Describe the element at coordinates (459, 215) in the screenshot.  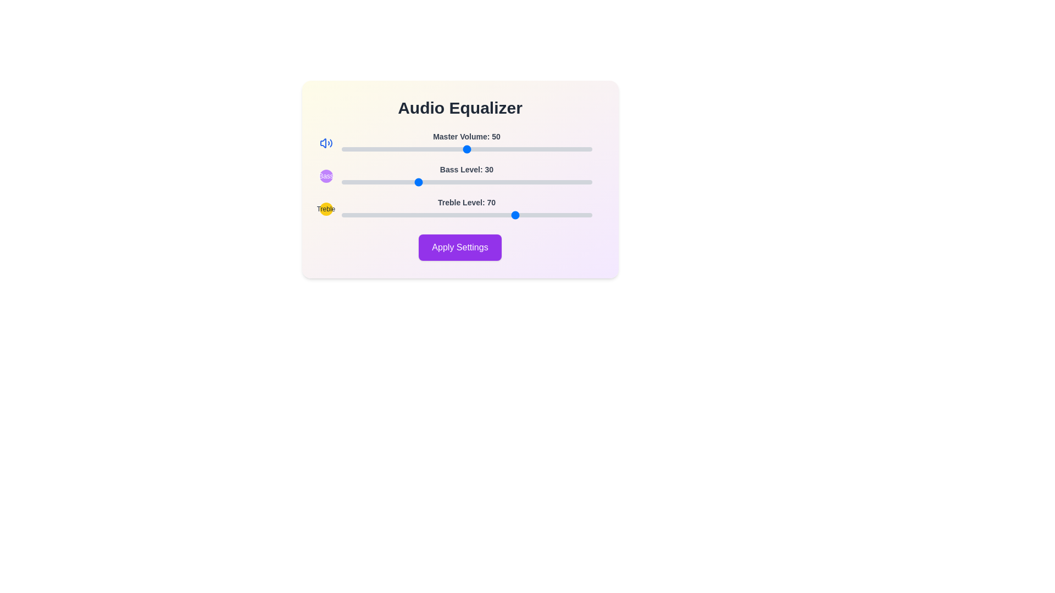
I see `Treble Level` at that location.